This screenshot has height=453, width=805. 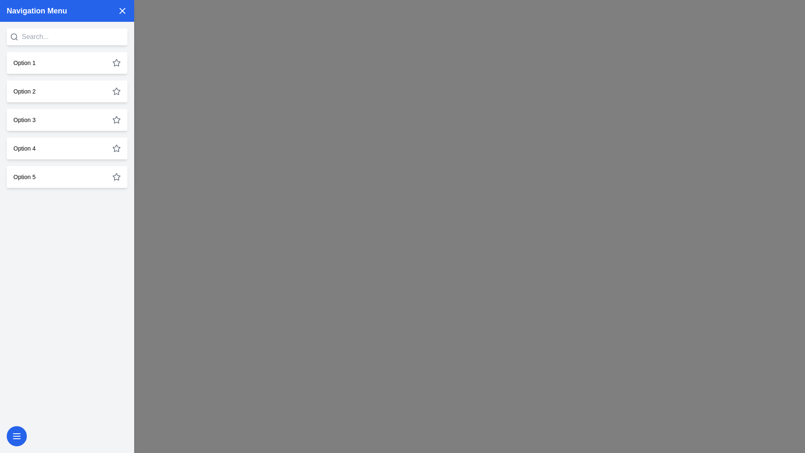 I want to click on the gray star-shaped icon with a hollow center located in the 'Option 4' block, so click(x=116, y=148).